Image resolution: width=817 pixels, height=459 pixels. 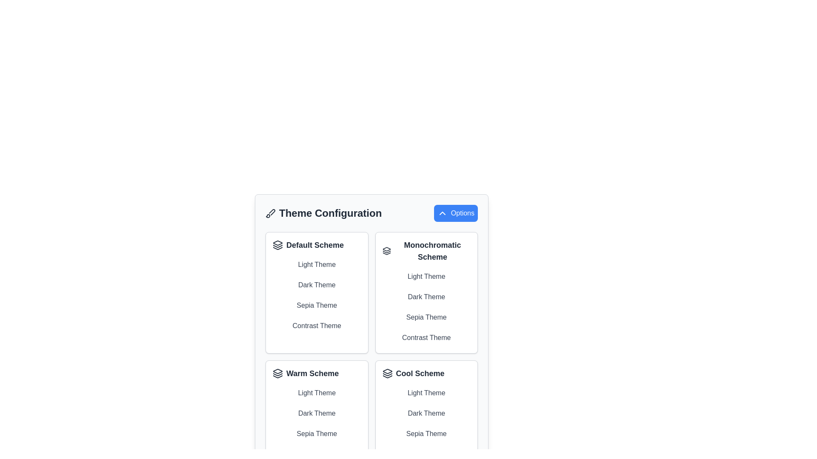 I want to click on the 'Sepia Theme' text label, which is the third item in the vertical list of theme options within the 'Cool Scheme' section, so click(x=426, y=434).